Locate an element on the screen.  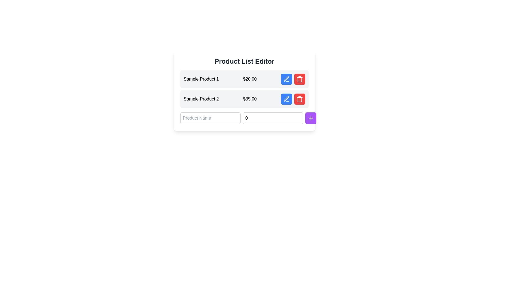
the pen icon inside the blue button on the right side of the first row in the product list table is located at coordinates (287, 79).